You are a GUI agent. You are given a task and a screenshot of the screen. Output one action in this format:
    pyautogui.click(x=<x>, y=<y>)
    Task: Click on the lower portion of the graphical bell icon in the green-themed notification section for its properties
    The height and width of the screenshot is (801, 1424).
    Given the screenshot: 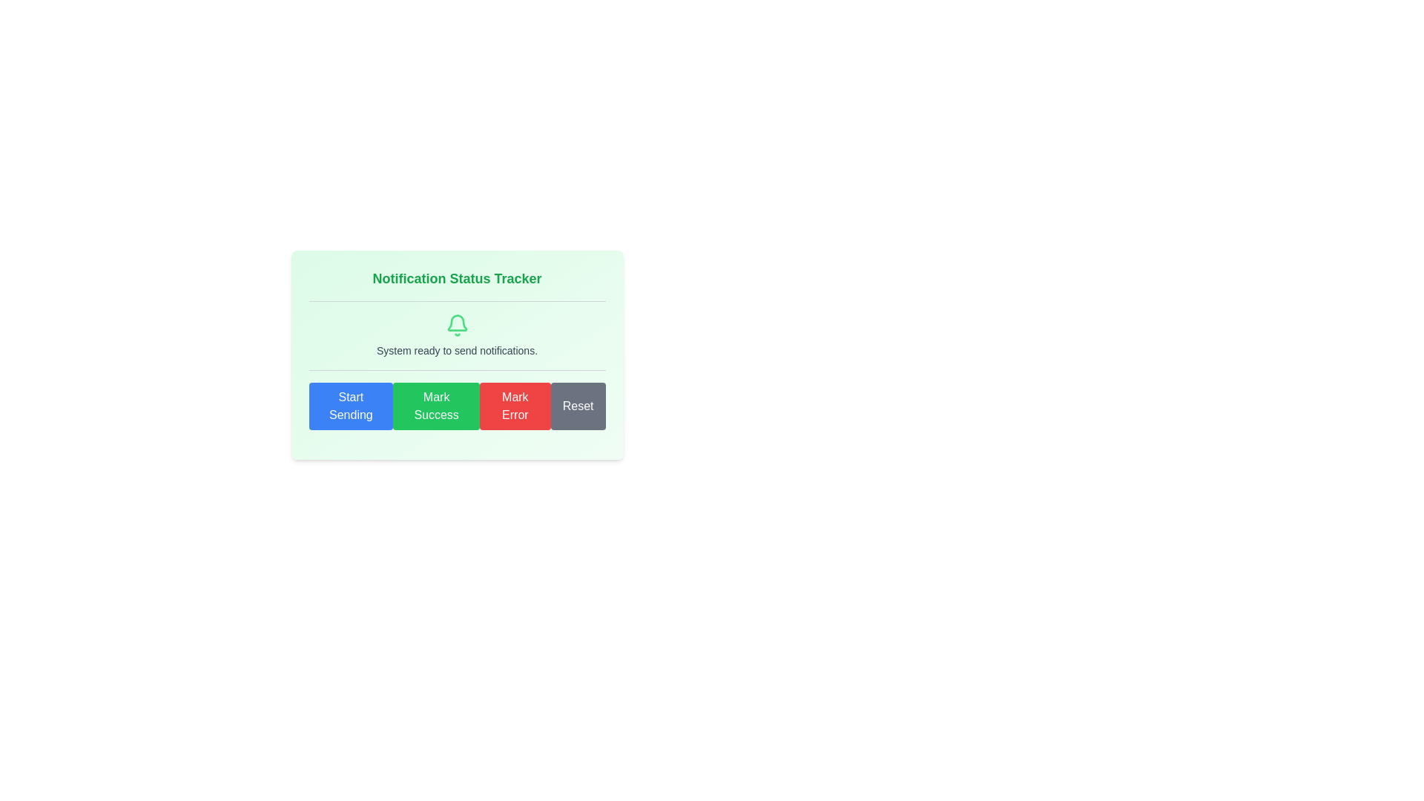 What is the action you would take?
    pyautogui.click(x=456, y=322)
    